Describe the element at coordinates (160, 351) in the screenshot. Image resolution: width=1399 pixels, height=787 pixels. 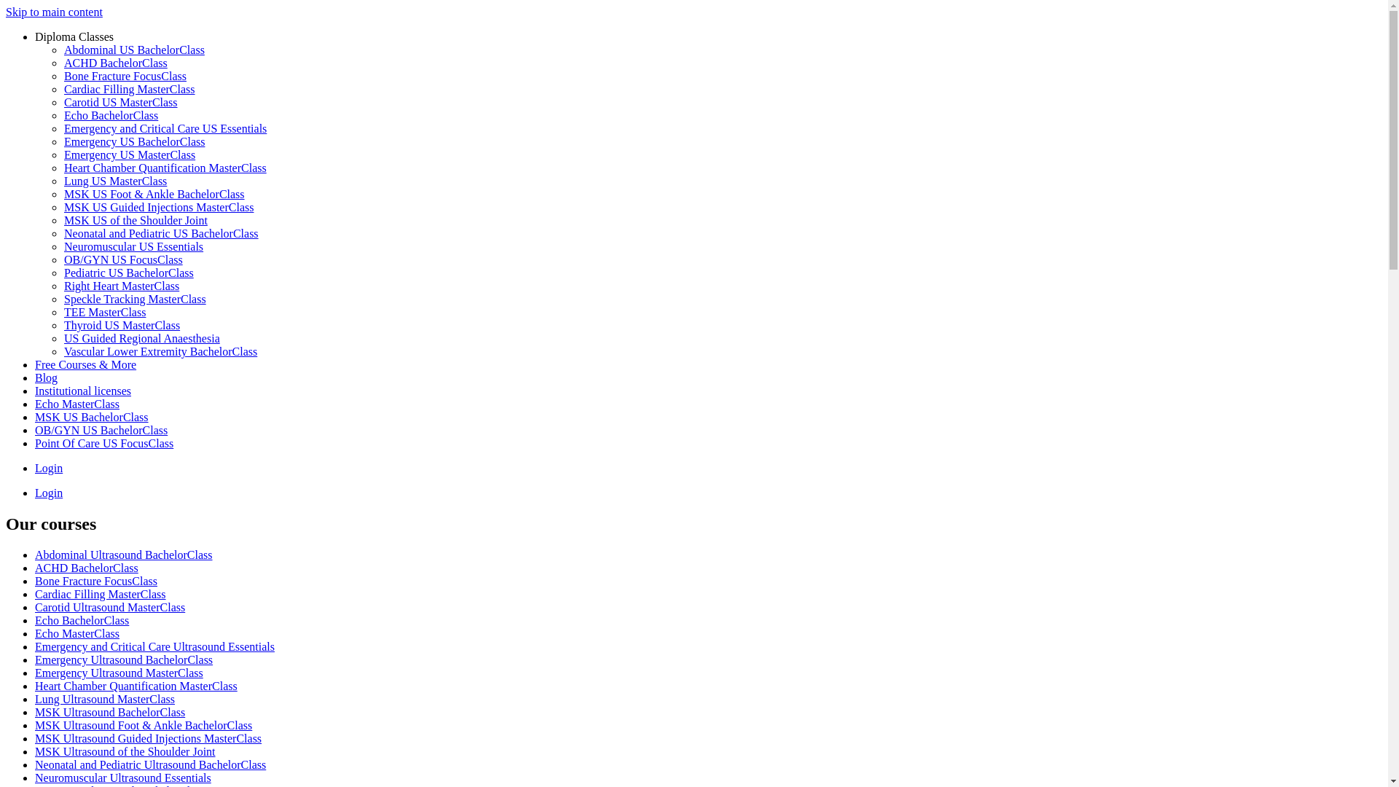
I see `'Vascular Lower Extremity BachelorClass'` at that location.